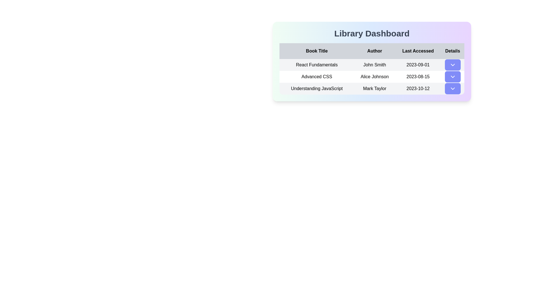  What do you see at coordinates (453, 77) in the screenshot?
I see `the chevron icon` at bounding box center [453, 77].